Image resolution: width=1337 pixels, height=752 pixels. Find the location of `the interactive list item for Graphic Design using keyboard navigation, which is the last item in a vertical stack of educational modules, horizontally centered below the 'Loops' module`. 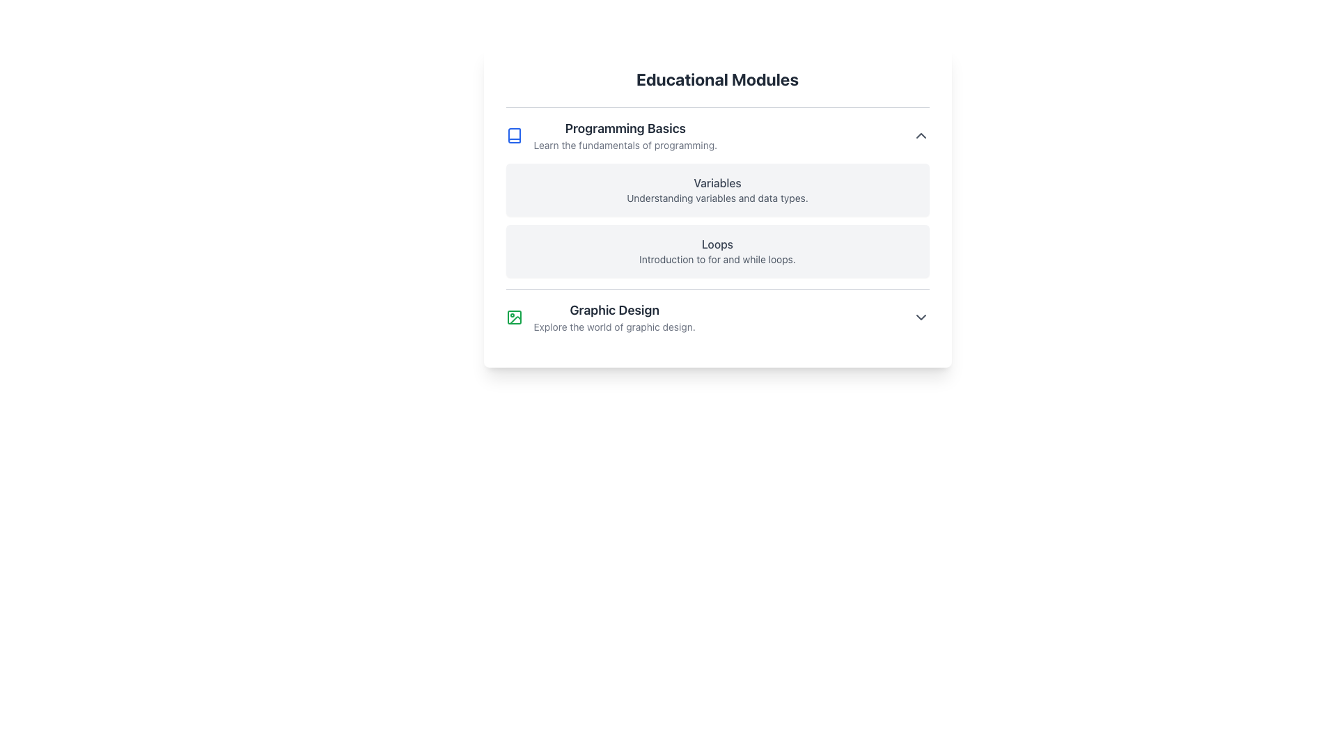

the interactive list item for Graphic Design using keyboard navigation, which is the last item in a vertical stack of educational modules, horizontally centered below the 'Loops' module is located at coordinates (717, 317).